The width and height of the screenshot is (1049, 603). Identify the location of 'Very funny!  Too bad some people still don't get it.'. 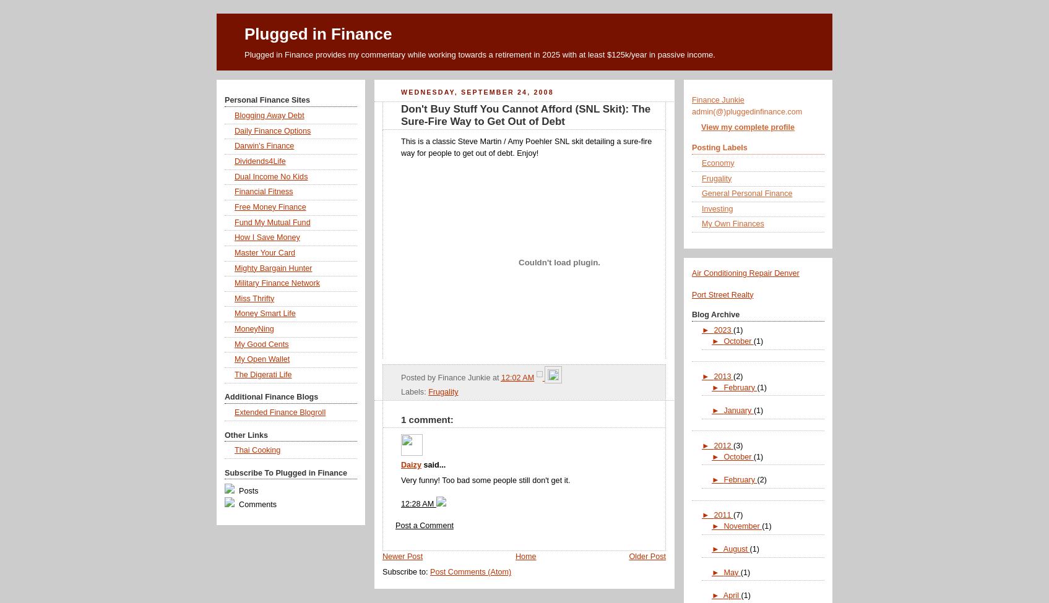
(485, 479).